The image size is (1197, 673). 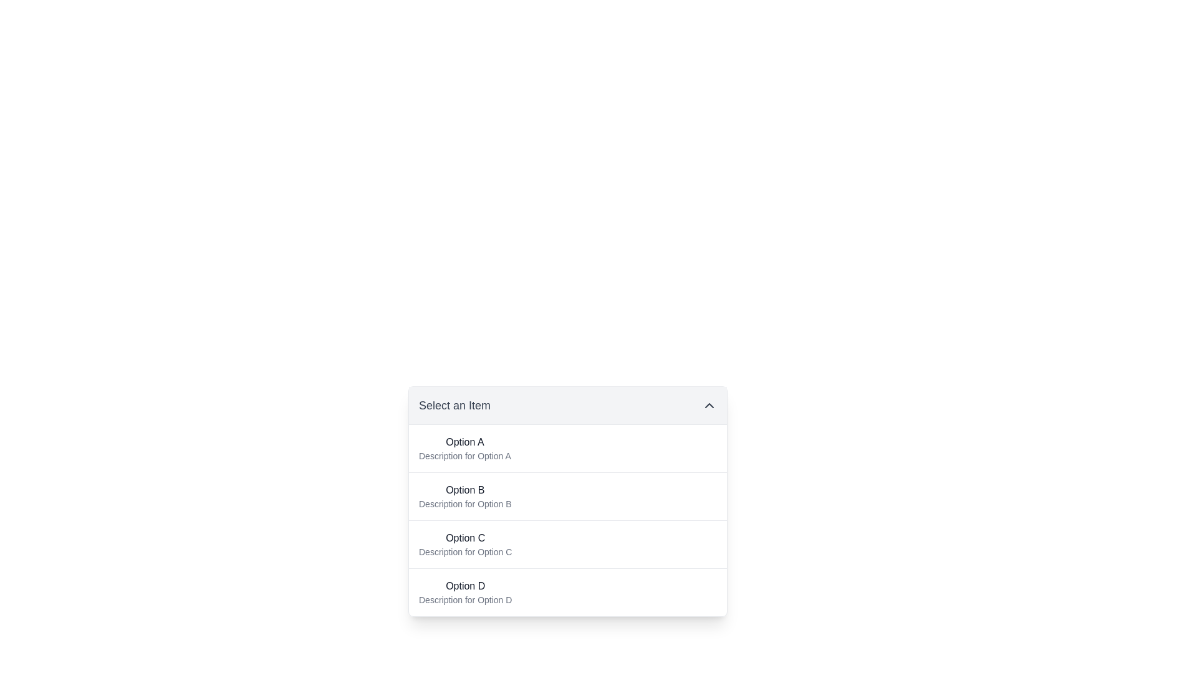 What do you see at coordinates (464, 489) in the screenshot?
I see `the label for 'Option B', which is located above the description text in the second item of the dropdown list under 'Select an Item'` at bounding box center [464, 489].